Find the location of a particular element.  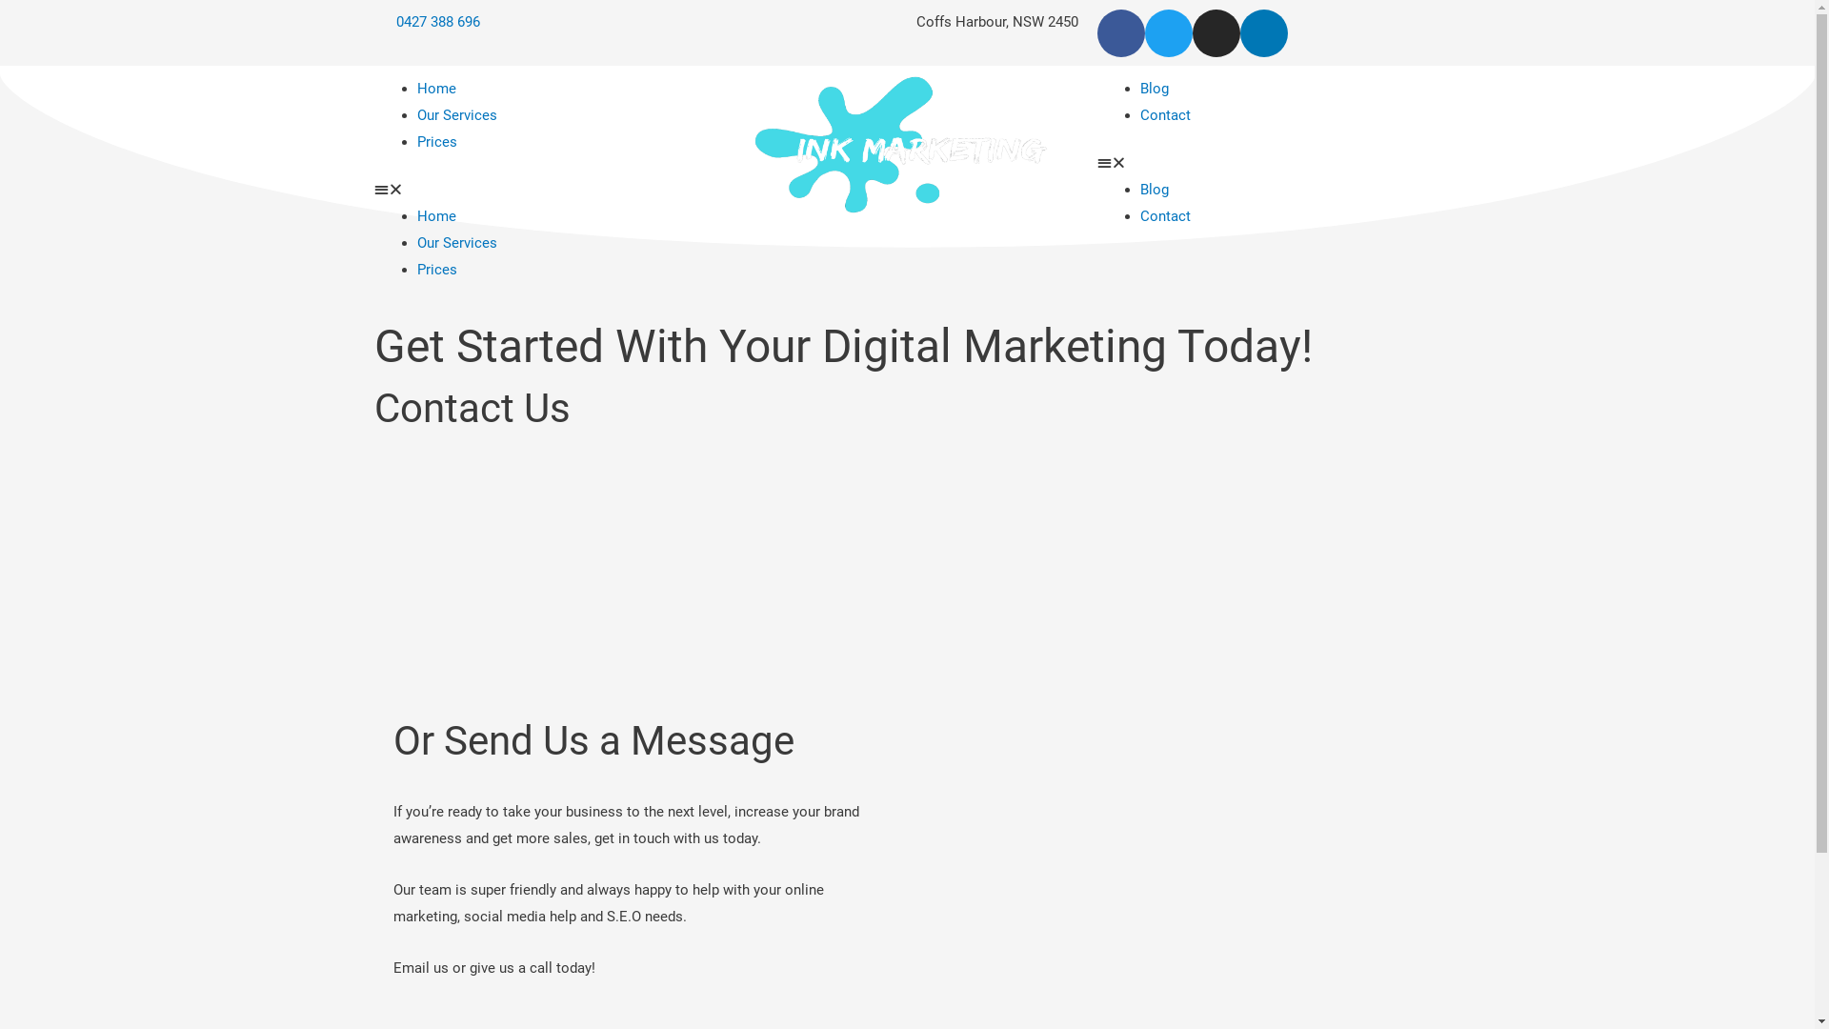

'Prices' is located at coordinates (436, 269).